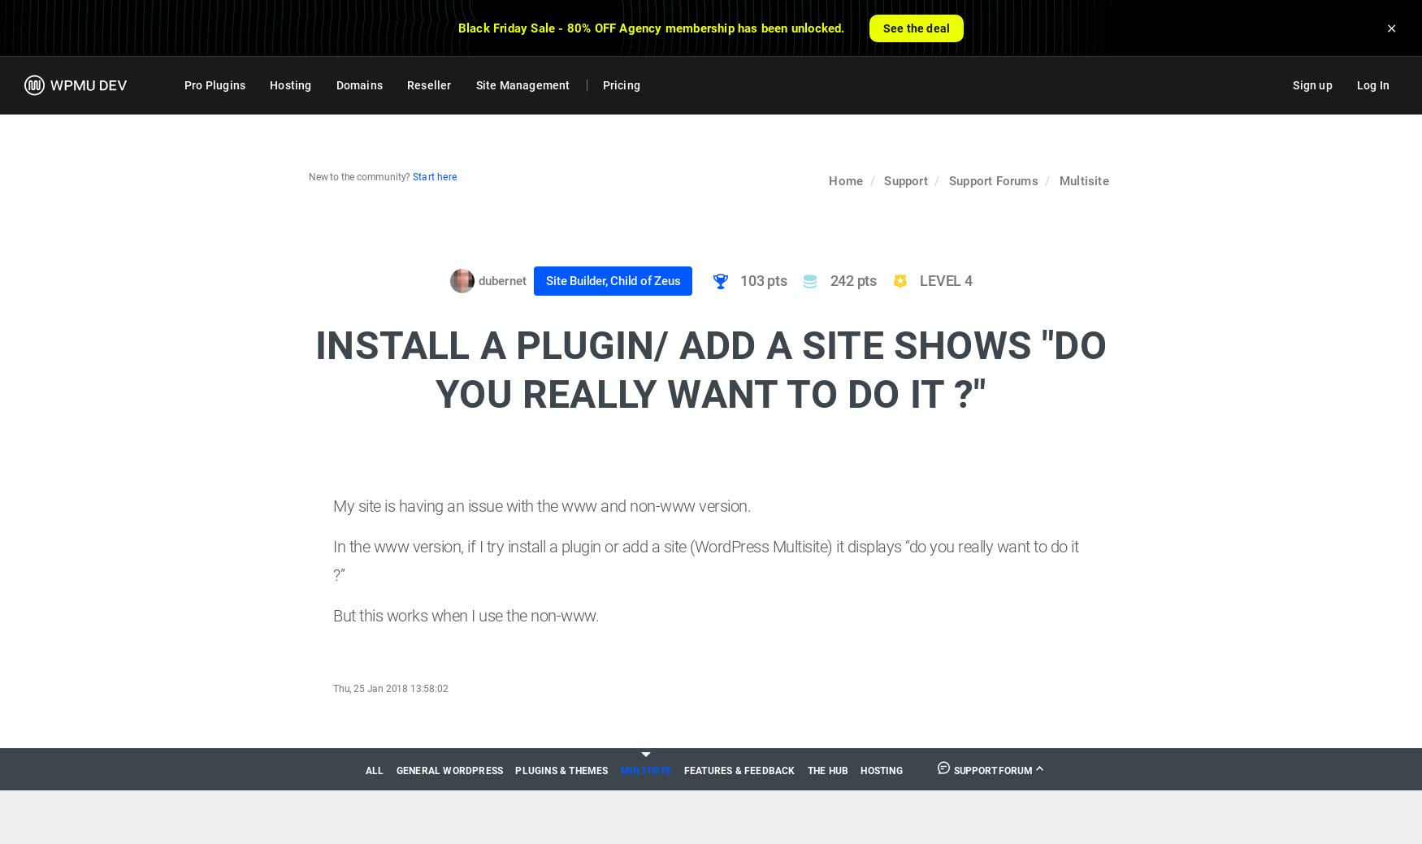 The width and height of the screenshot is (1422, 844). What do you see at coordinates (501, 280) in the screenshot?
I see `'dubernet'` at bounding box center [501, 280].